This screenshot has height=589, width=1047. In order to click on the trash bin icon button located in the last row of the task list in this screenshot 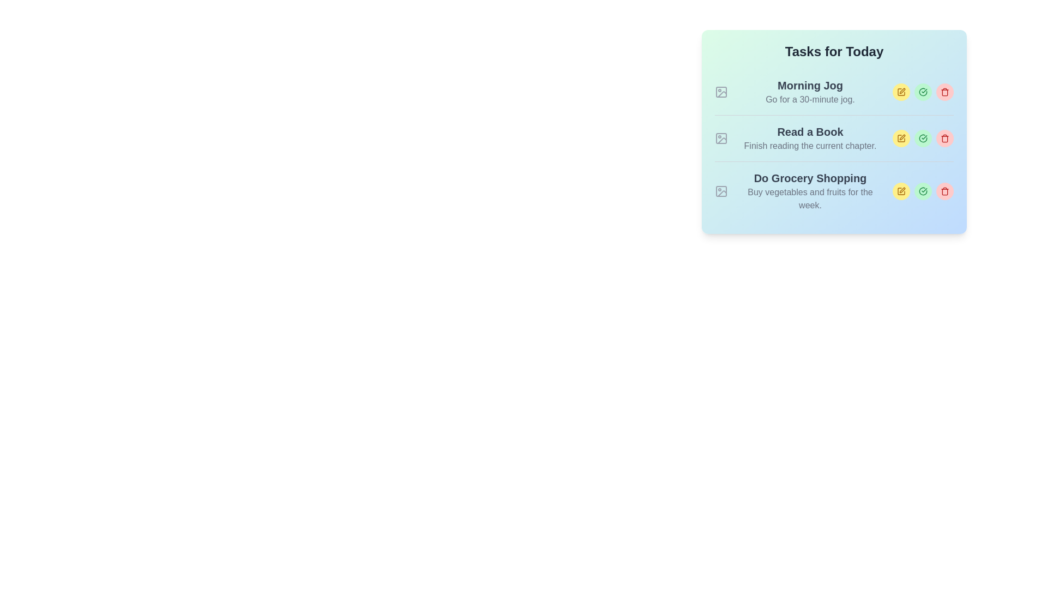, I will do `click(944, 191)`.